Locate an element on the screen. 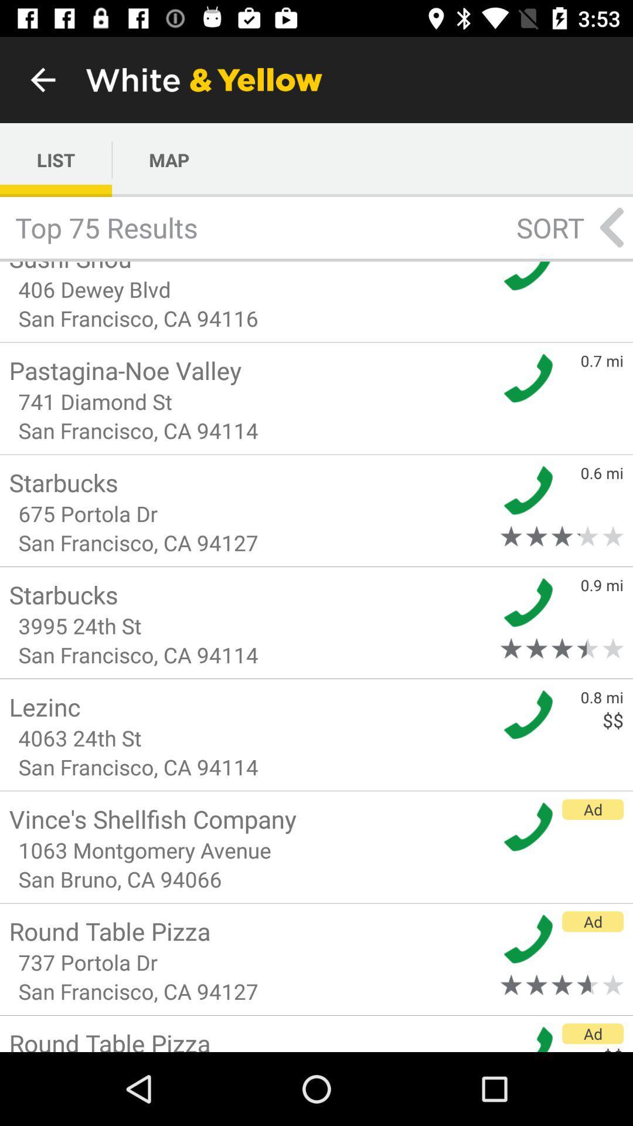  the arrow_backward icon is located at coordinates (611, 228).